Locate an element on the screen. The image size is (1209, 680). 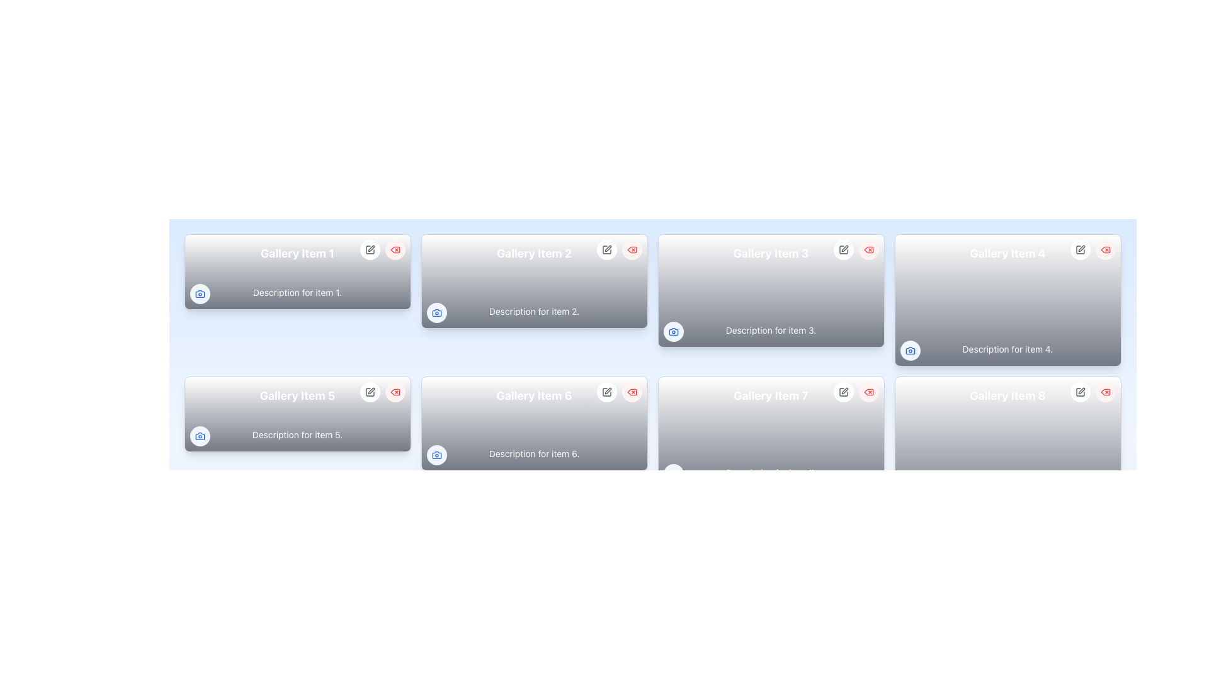
the Text Label that serves as the title for the item in the gallery, located above the description text 'Description for item 5.' is located at coordinates (297, 395).